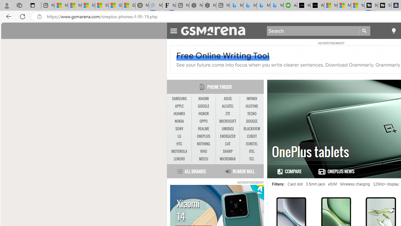 This screenshot has height=226, width=401. What do you see at coordinates (179, 114) in the screenshot?
I see `'HUAWEI'` at bounding box center [179, 114].